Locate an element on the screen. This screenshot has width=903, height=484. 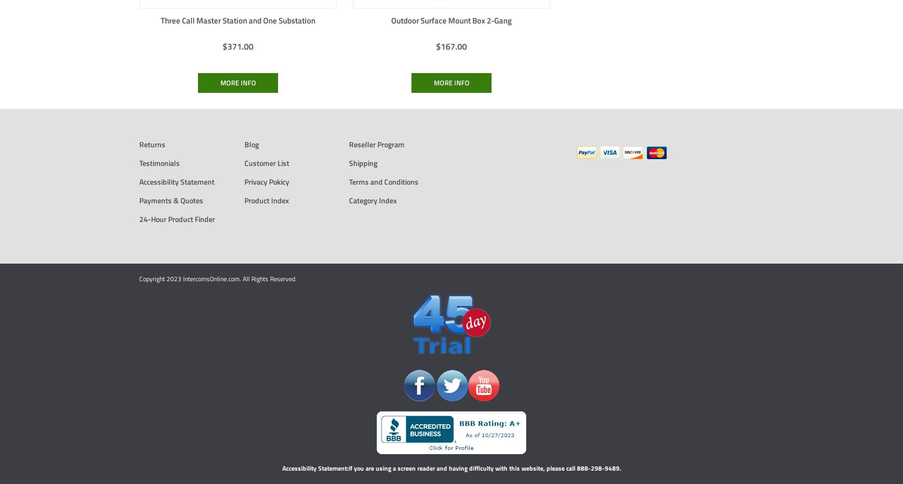
'Shipping' is located at coordinates (363, 162).